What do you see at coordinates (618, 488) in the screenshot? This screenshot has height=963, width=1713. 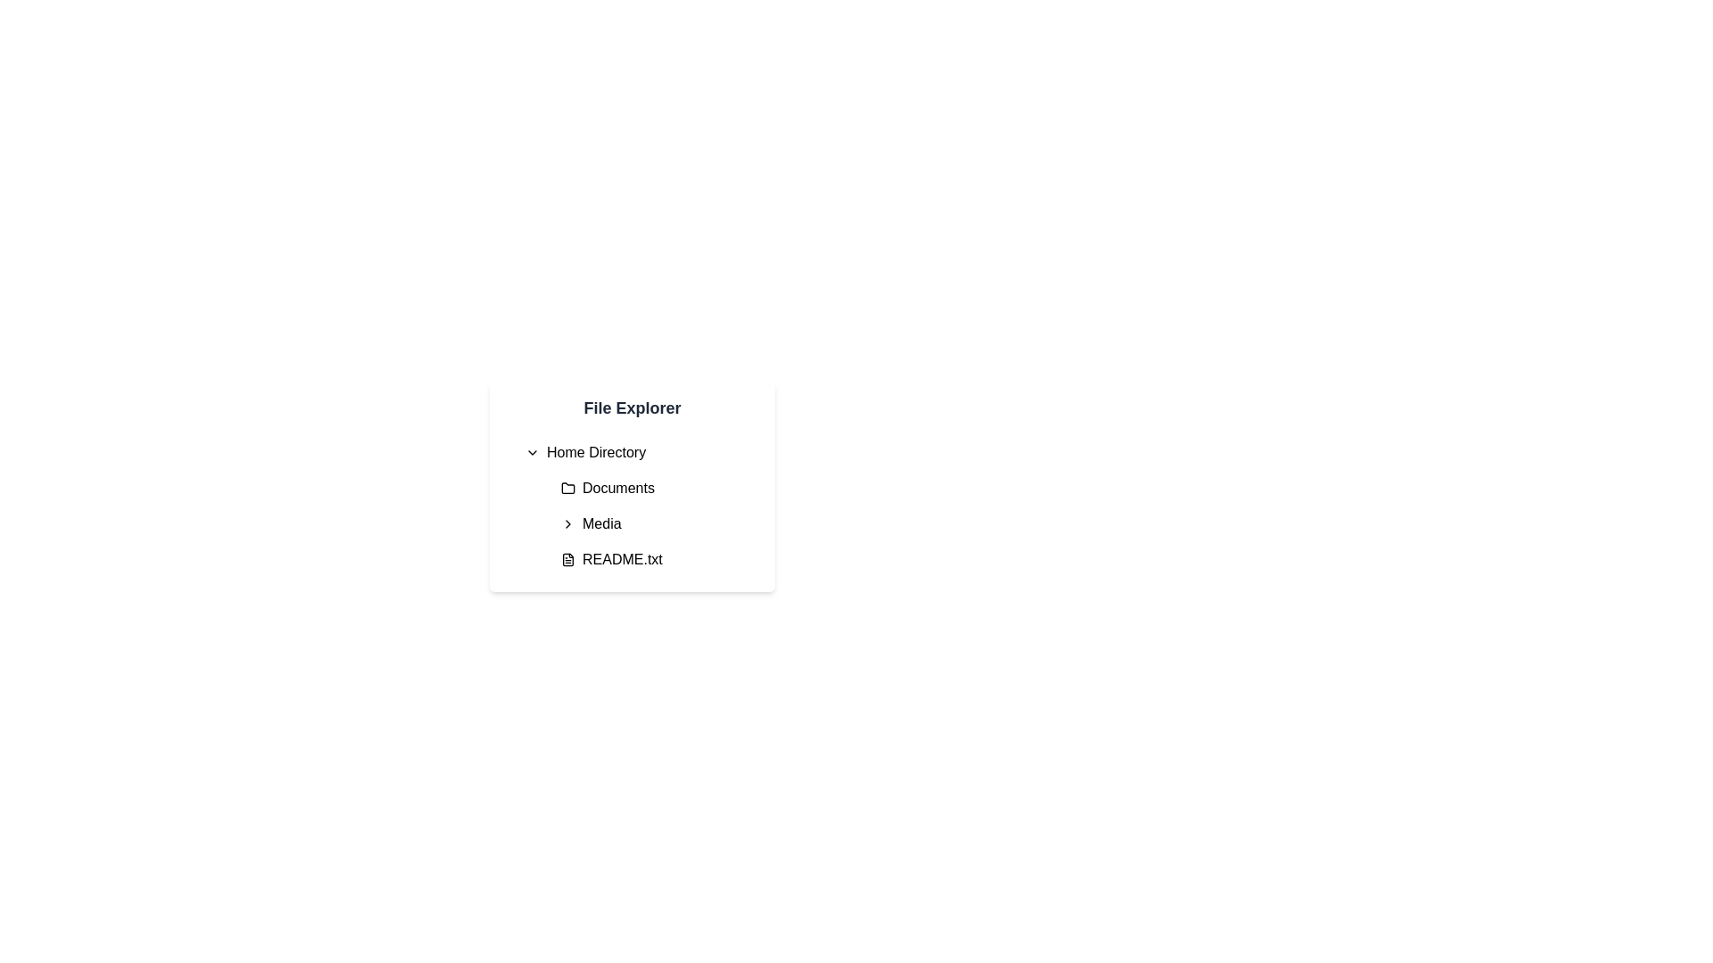 I see `the 'Documents' text label, which serves as the label for the 'Documents' folder in the file explorer` at bounding box center [618, 488].